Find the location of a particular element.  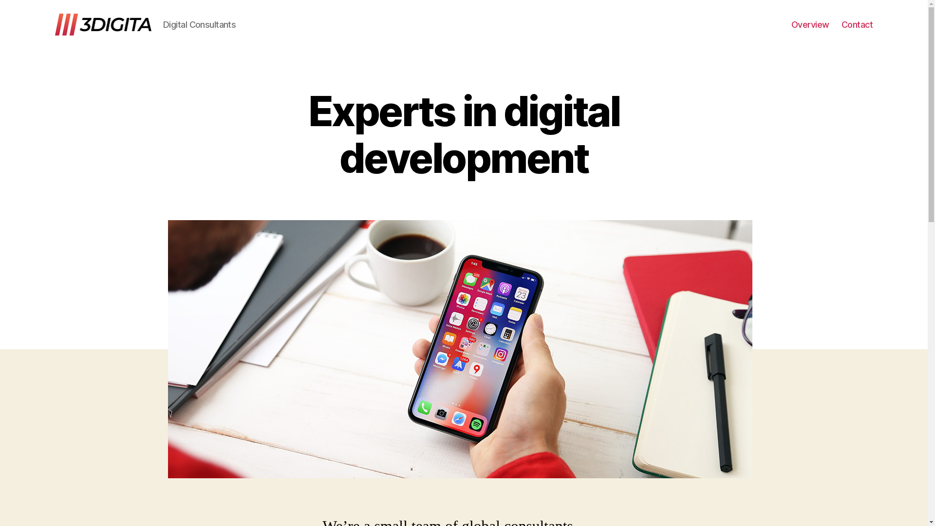

'Contact' is located at coordinates (841, 24).